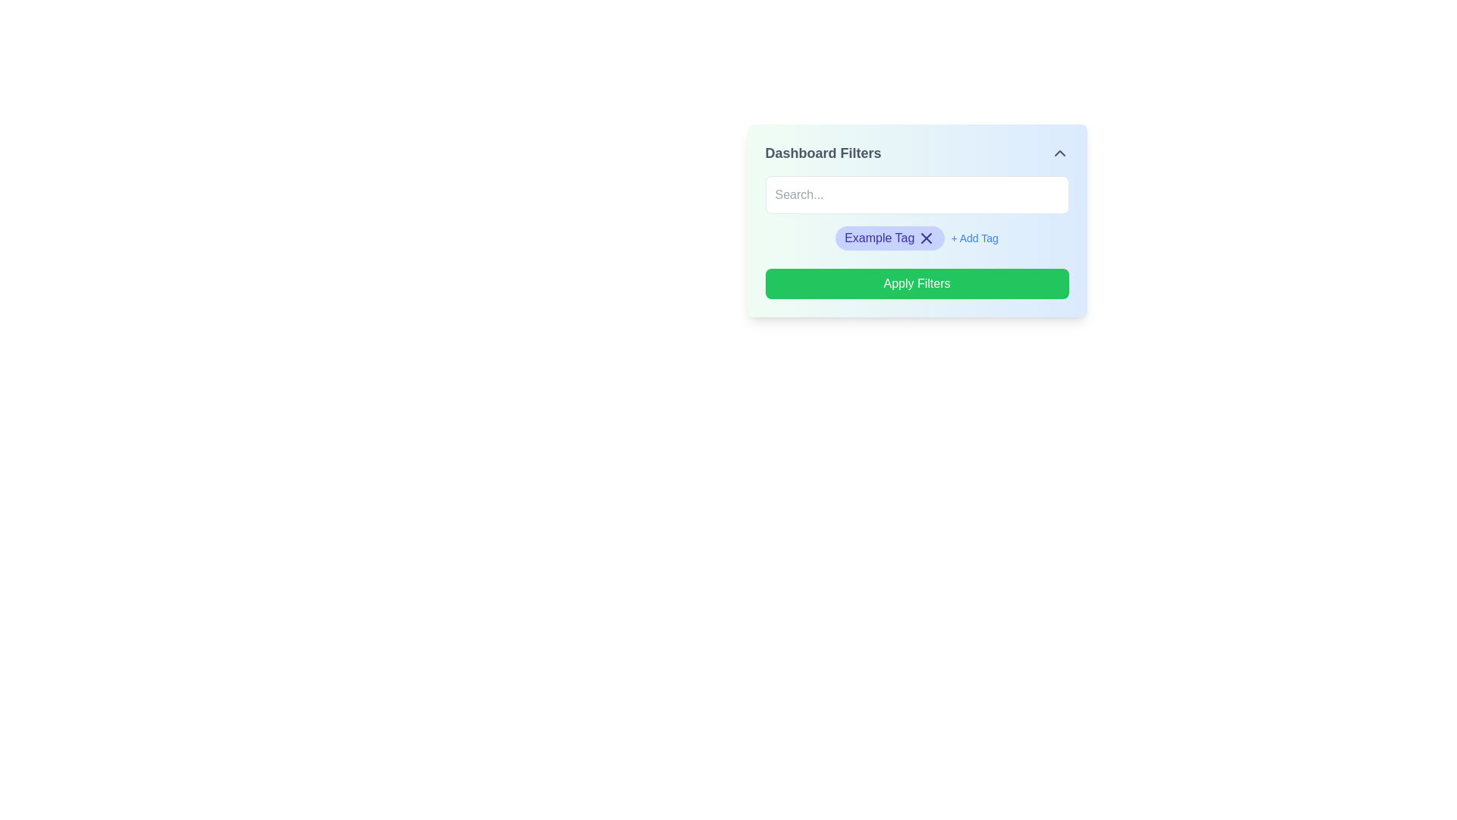 The image size is (1457, 820). I want to click on the 'X' icon, which is styled as a minimalist, sharp-ended cross in blue, located to the right of the text 'Example Tag' within a purple tag-like component, so click(926, 238).